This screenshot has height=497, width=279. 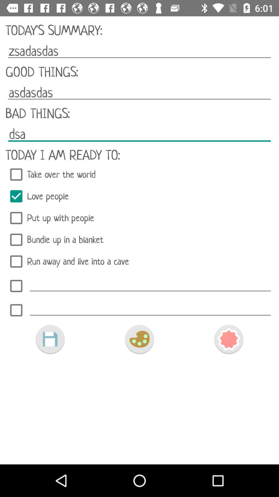 What do you see at coordinates (228, 339) in the screenshot?
I see `the icon at the bottom right corner` at bounding box center [228, 339].